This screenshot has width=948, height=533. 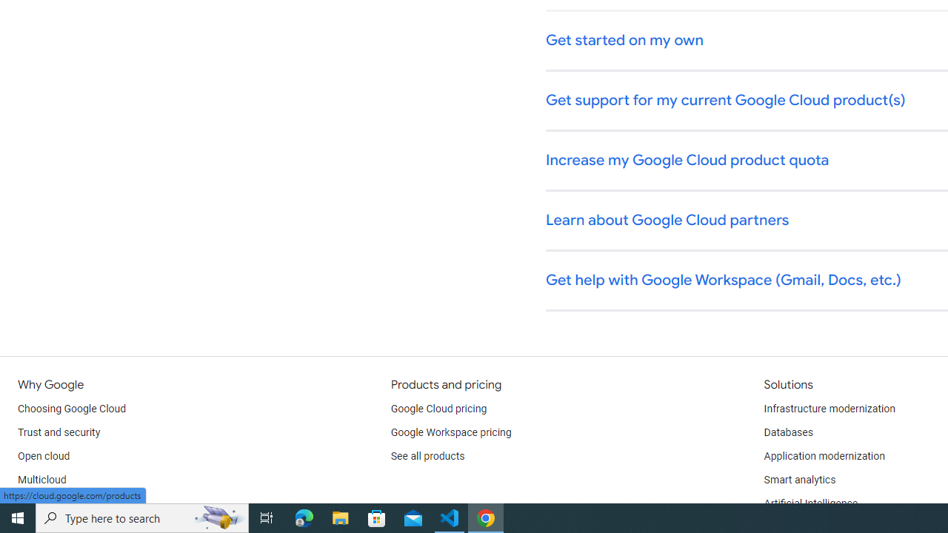 I want to click on 'Google Workspace pricing', so click(x=450, y=433).